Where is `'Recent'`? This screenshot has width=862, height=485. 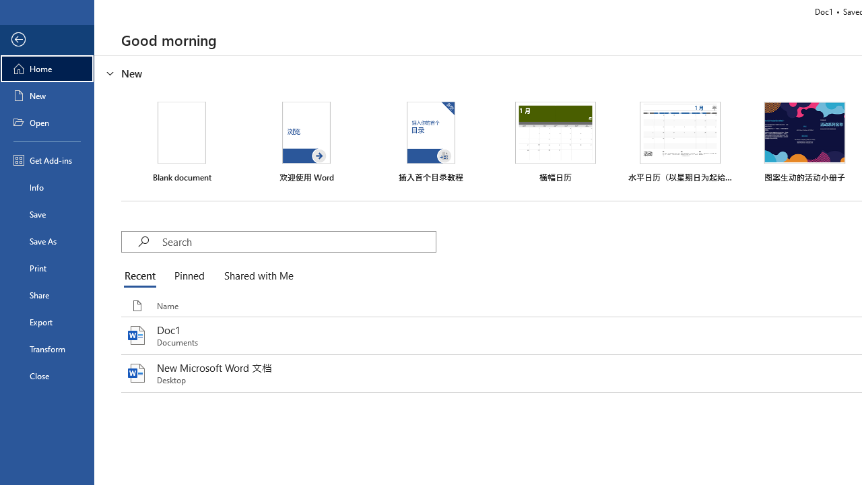
'Recent' is located at coordinates (143, 276).